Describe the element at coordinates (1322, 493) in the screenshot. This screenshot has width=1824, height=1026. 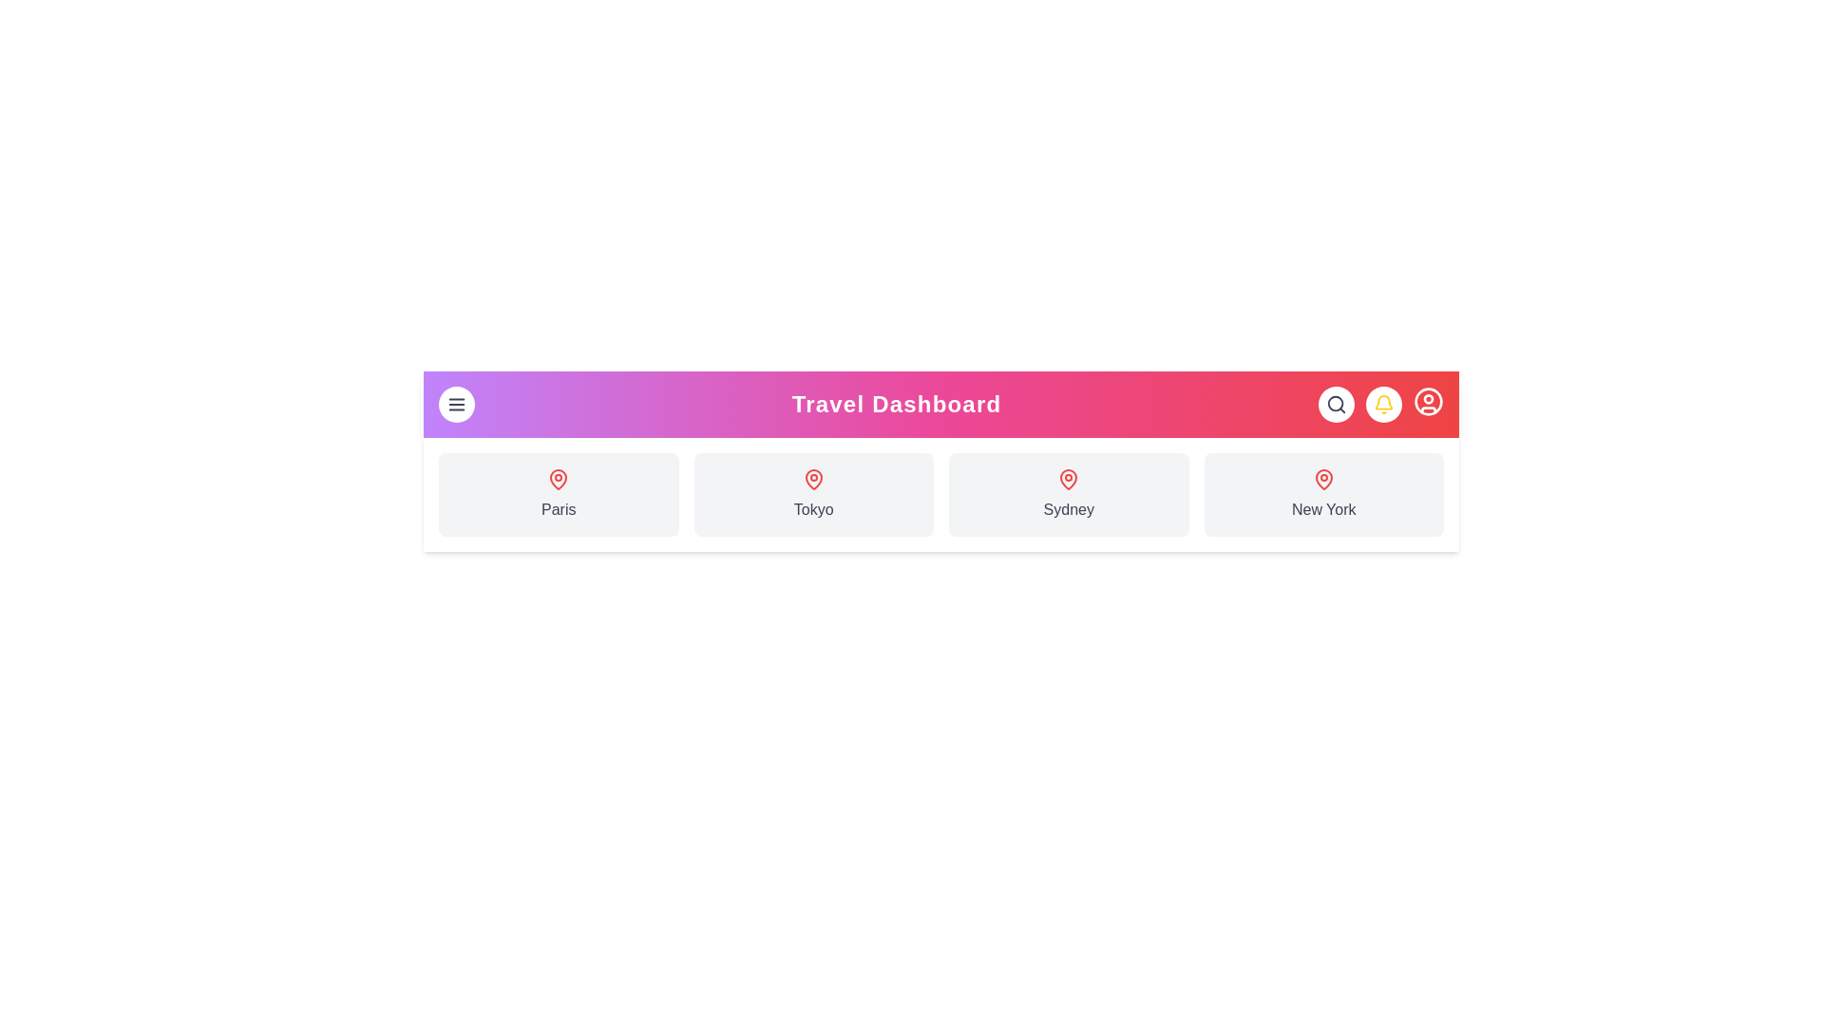
I see `the city card for New York to view its details` at that location.